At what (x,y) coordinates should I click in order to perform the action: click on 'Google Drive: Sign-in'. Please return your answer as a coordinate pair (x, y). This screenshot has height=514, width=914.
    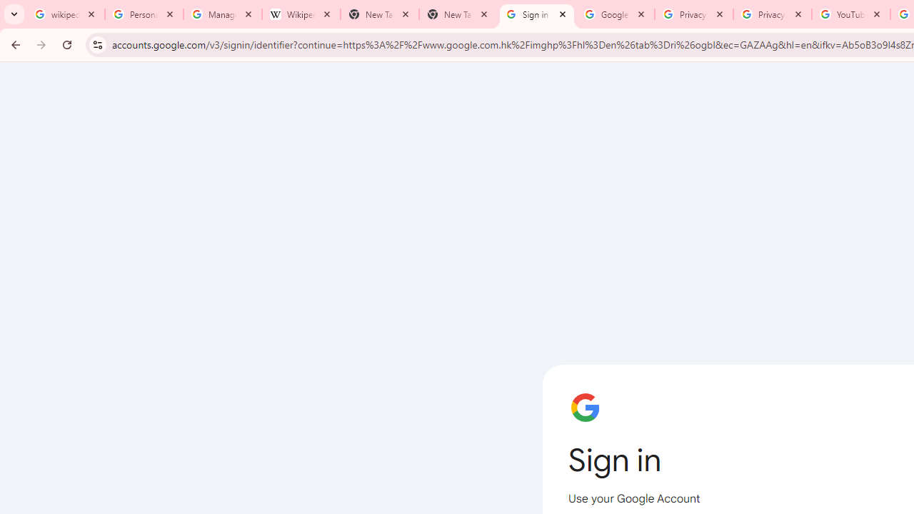
    Looking at the image, I should click on (615, 14).